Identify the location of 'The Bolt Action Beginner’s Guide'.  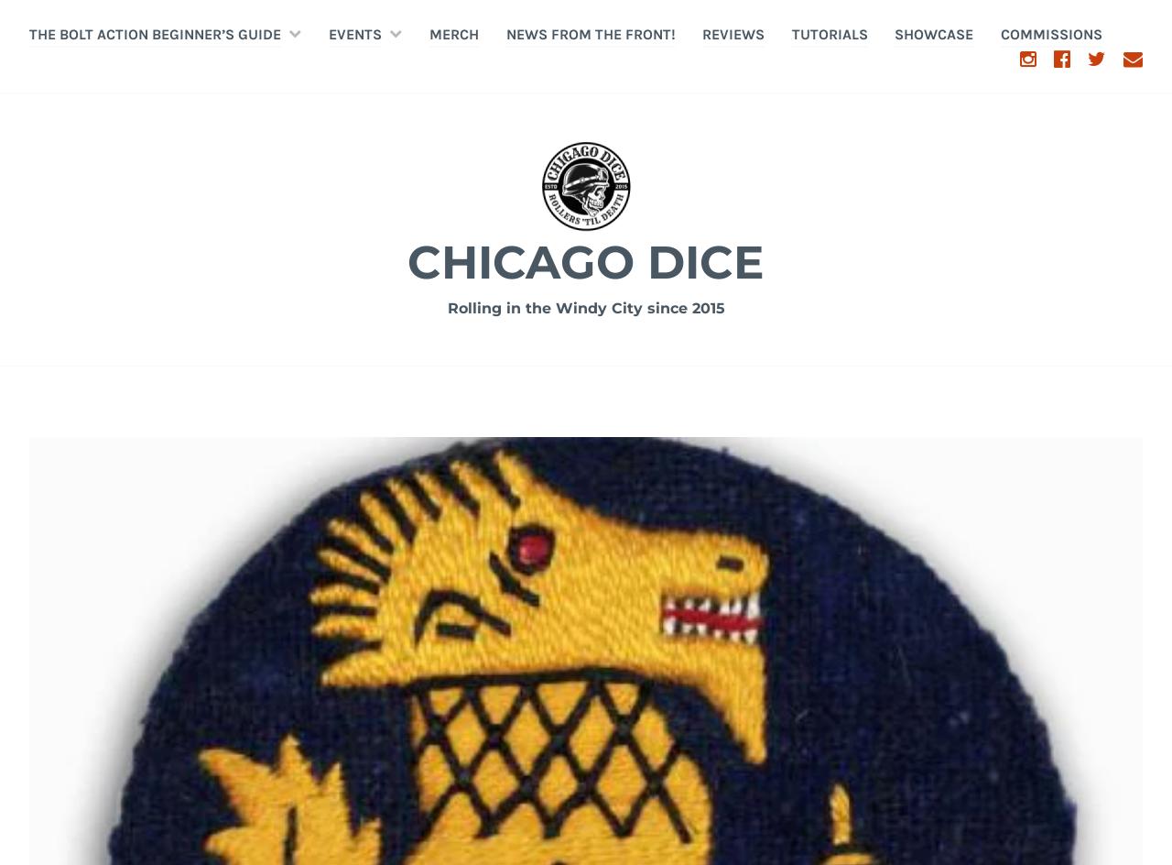
(155, 33).